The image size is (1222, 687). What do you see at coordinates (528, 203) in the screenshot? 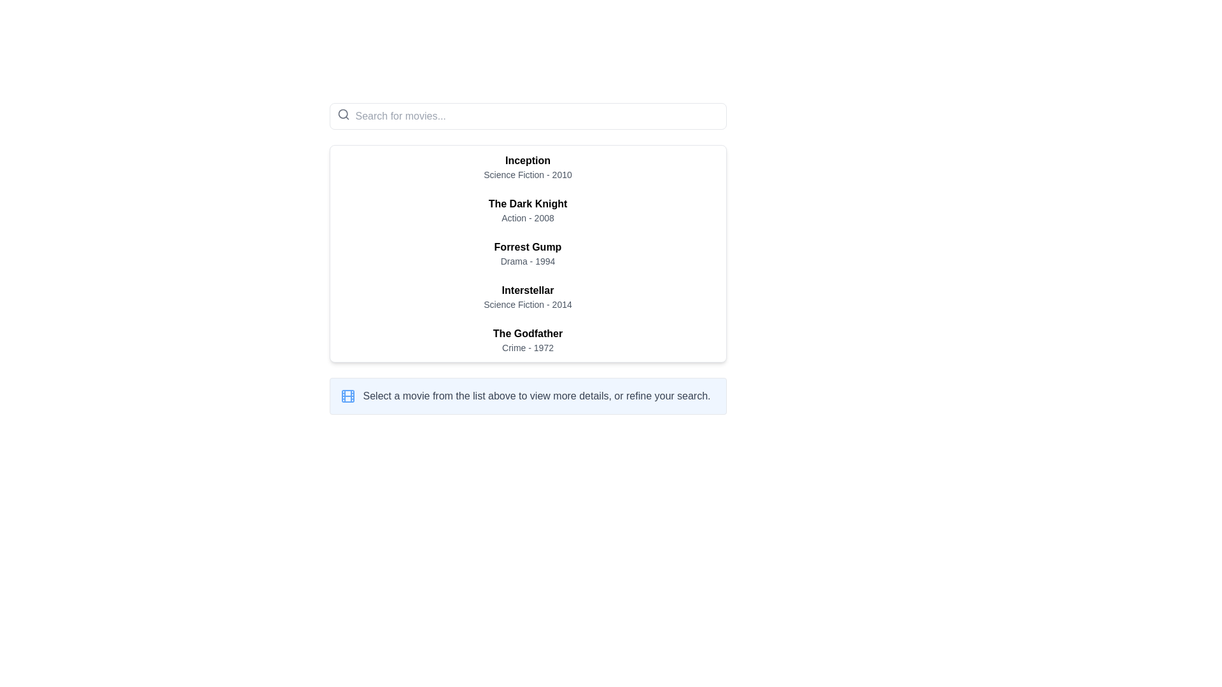
I see `bold text label element that displays 'The Dark Knight', positioned in the second row of the movie selection list, above 'Action - 2008' and below 'Inception'` at bounding box center [528, 203].